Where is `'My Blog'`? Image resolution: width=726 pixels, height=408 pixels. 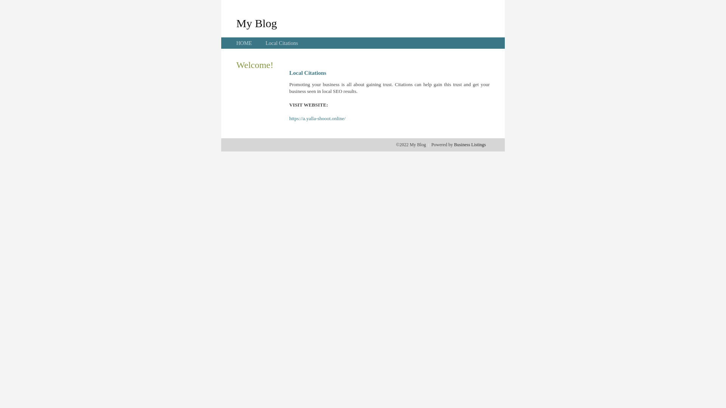
'My Blog' is located at coordinates (236, 23).